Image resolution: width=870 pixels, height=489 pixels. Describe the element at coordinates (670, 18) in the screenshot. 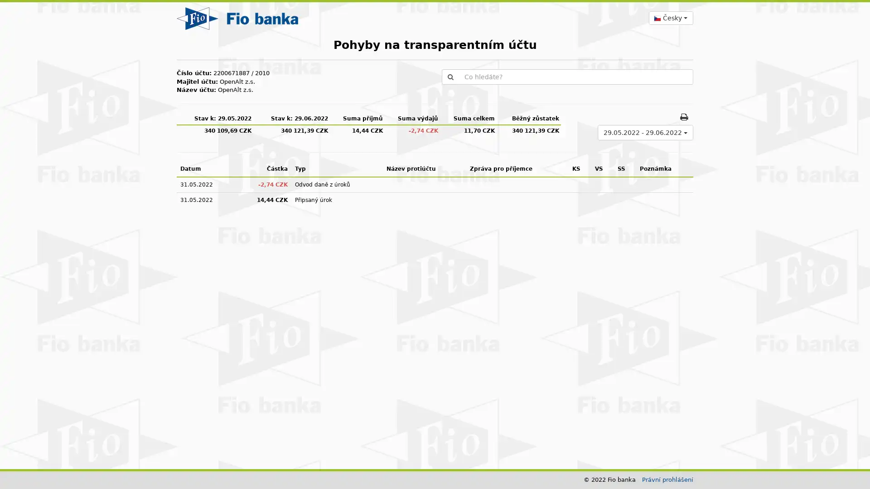

I see `Cesky` at that location.